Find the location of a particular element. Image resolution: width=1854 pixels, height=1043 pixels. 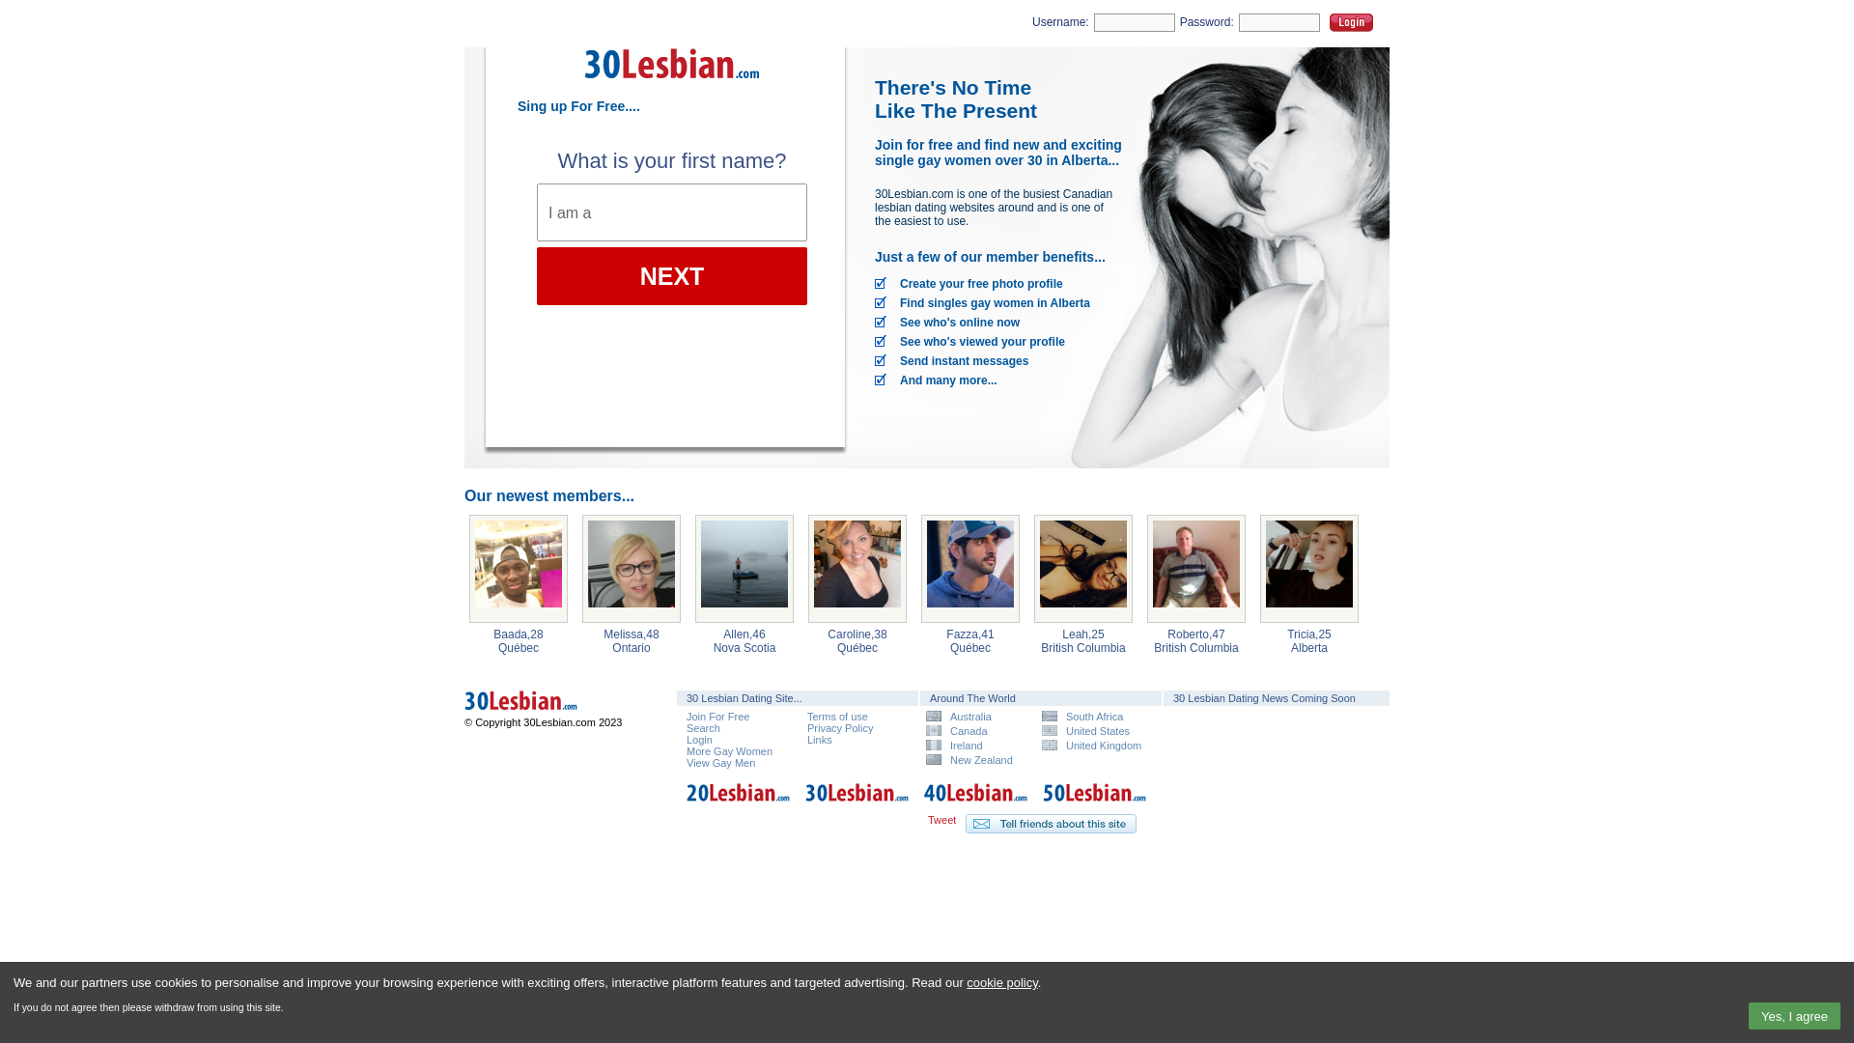

'More Gay Women' is located at coordinates (728, 750).